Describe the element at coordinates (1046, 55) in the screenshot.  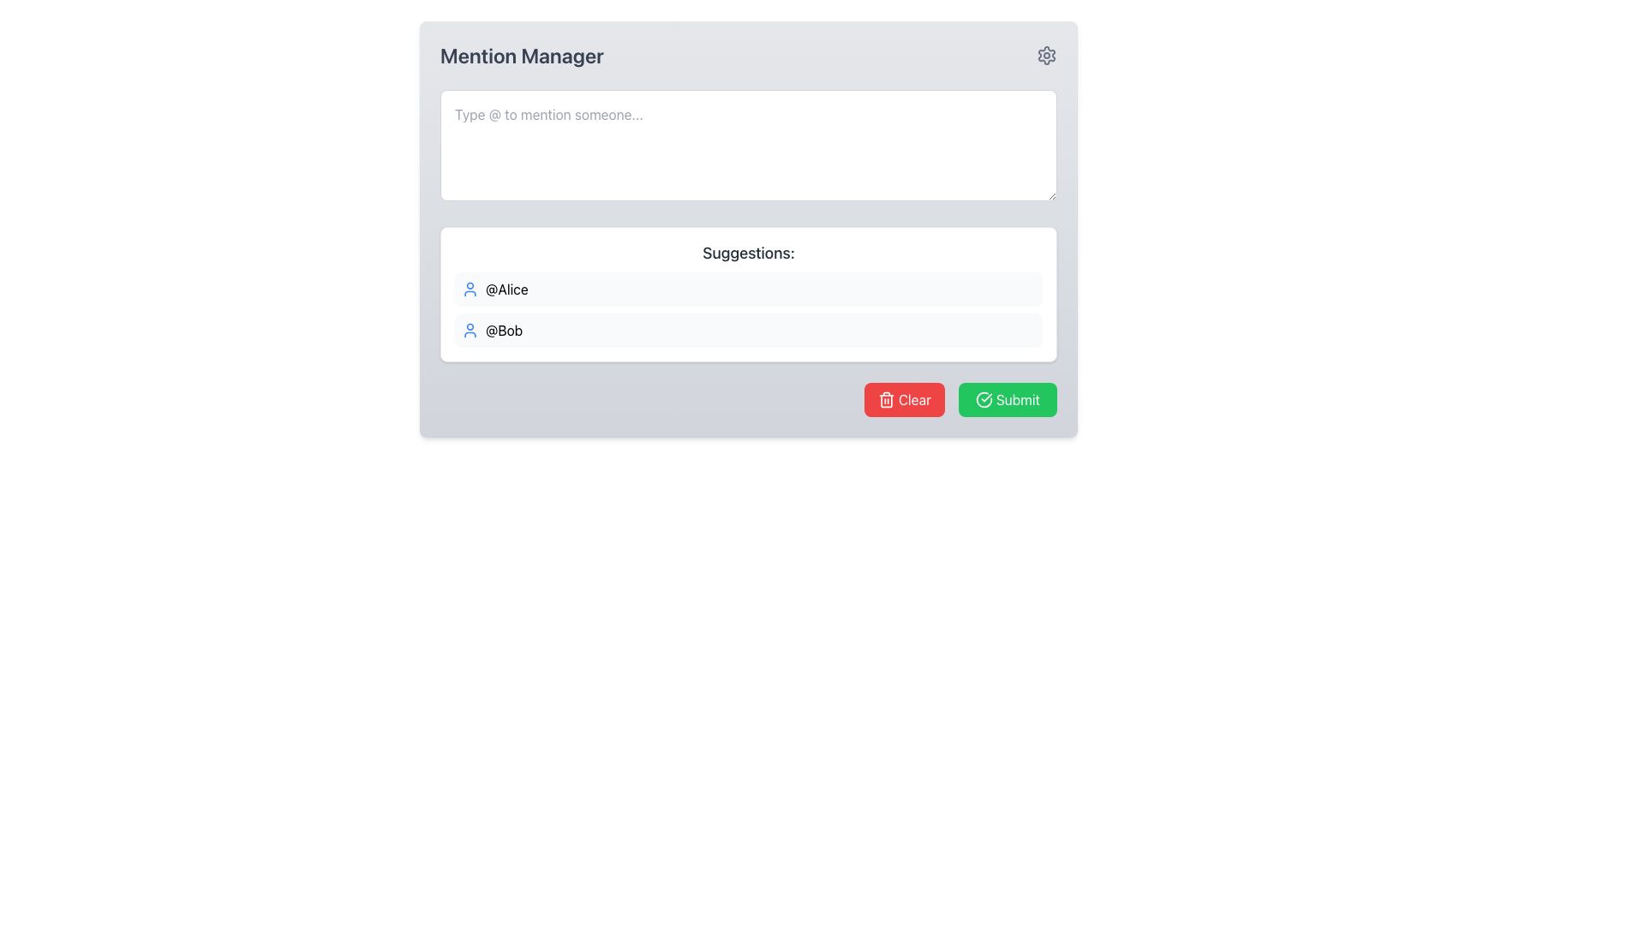
I see `the settings icon (gear symbol) located at the far right of the top bar in the 'Mention Manager' interface` at that location.